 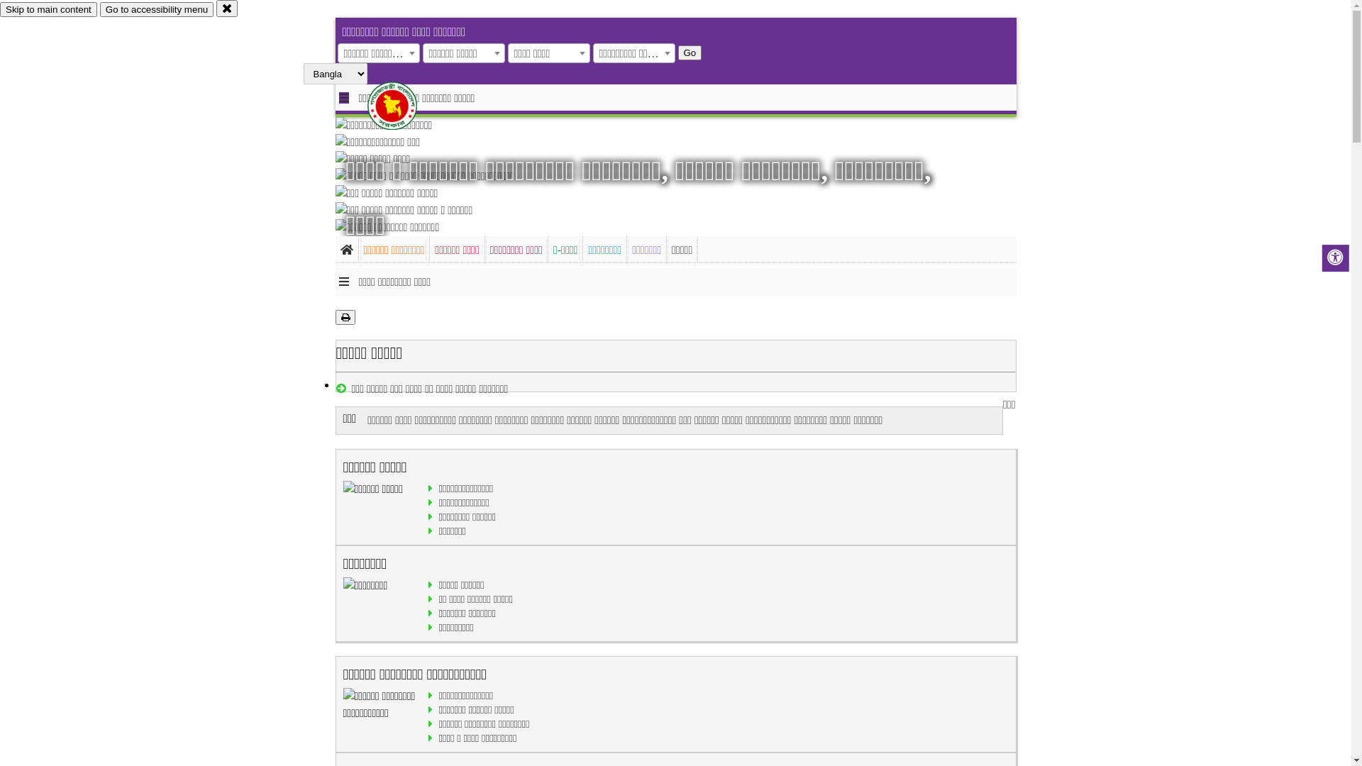 What do you see at coordinates (690, 52) in the screenshot?
I see `'Go'` at bounding box center [690, 52].